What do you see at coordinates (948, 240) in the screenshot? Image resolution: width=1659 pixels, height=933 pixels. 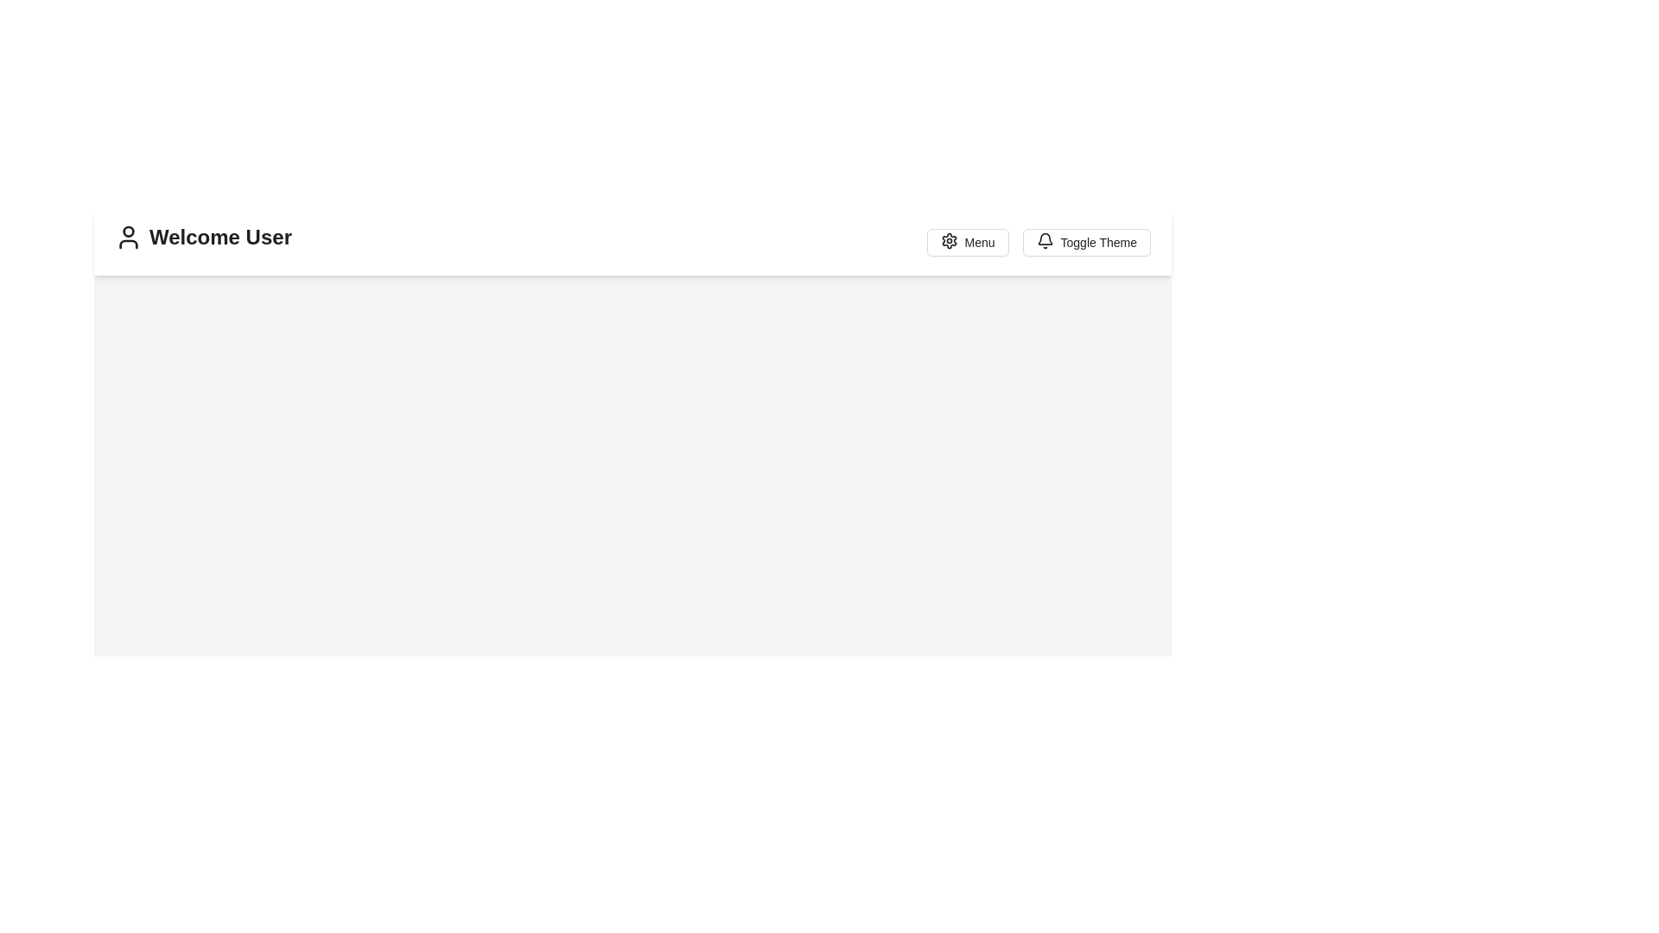 I see `the 'Settings' icon located in the upper right navigation bar, adjacent to the 'Menu' button and slightly to the left of the 'Toggle Theme' icon` at bounding box center [948, 240].